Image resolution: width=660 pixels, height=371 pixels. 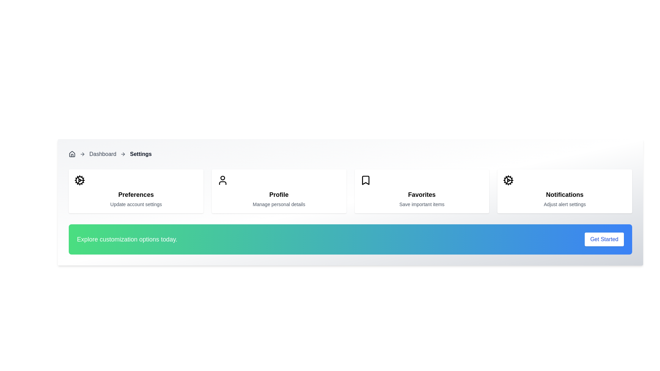 What do you see at coordinates (136, 195) in the screenshot?
I see `the static heading text that serves as the title for the account preferences settings, located at the top center of its card in the second row of the interface` at bounding box center [136, 195].